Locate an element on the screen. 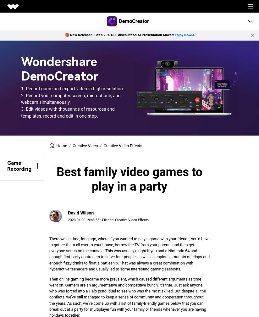 The image size is (259, 317). 'New Released! Get a 20% OFF discount on AI Presentation Maker!' is located at coordinates (122, 35).